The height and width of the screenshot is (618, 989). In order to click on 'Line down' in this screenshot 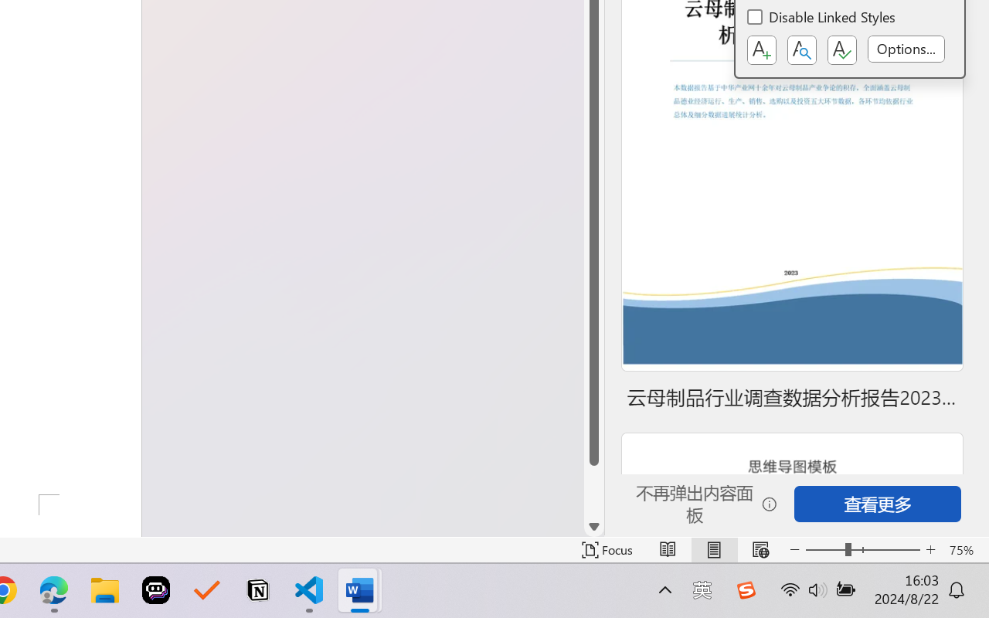, I will do `click(593, 527)`.